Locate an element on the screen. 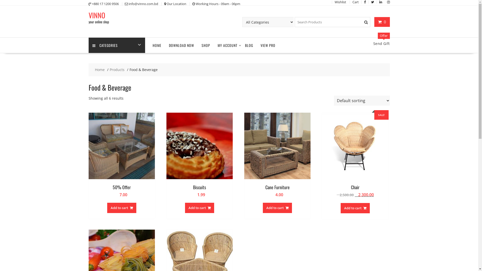 This screenshot has height=271, width=482. 'Products' is located at coordinates (116, 70).